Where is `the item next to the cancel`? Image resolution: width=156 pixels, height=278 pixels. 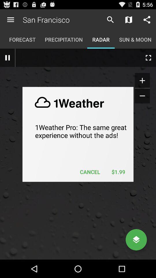
the item next to the cancel is located at coordinates (118, 172).